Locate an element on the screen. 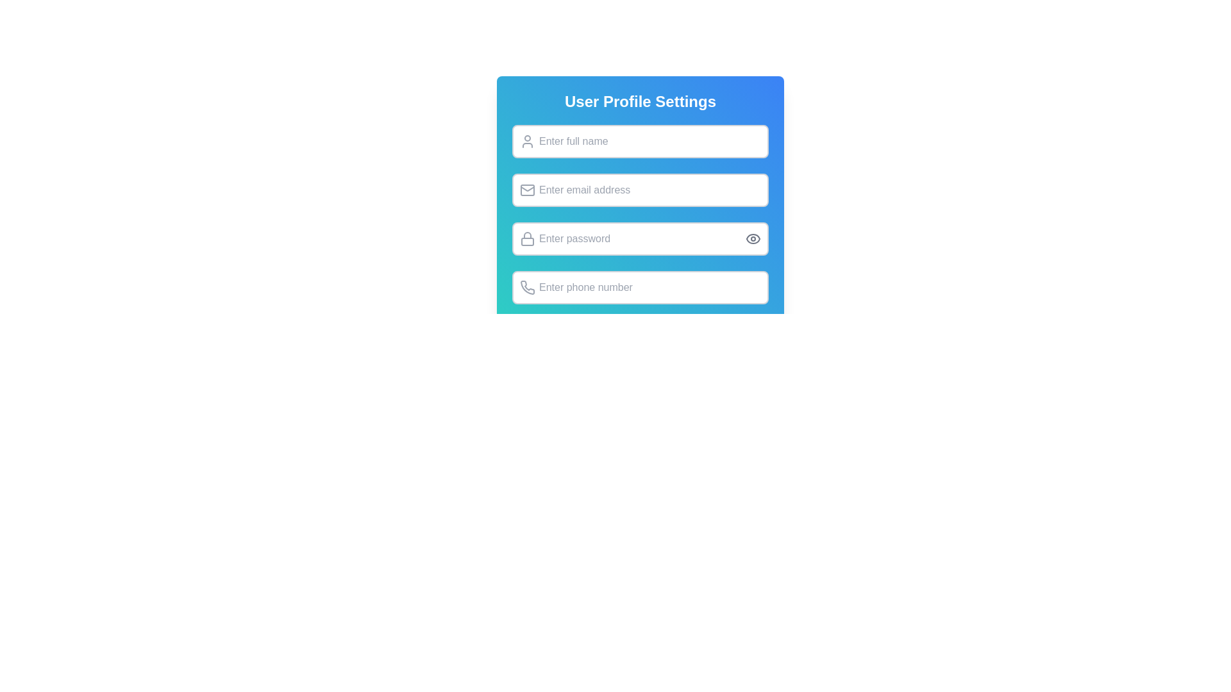 This screenshot has width=1231, height=692. the email input field located in the 'User Profile Settings' form to focus on it is located at coordinates (640, 190).